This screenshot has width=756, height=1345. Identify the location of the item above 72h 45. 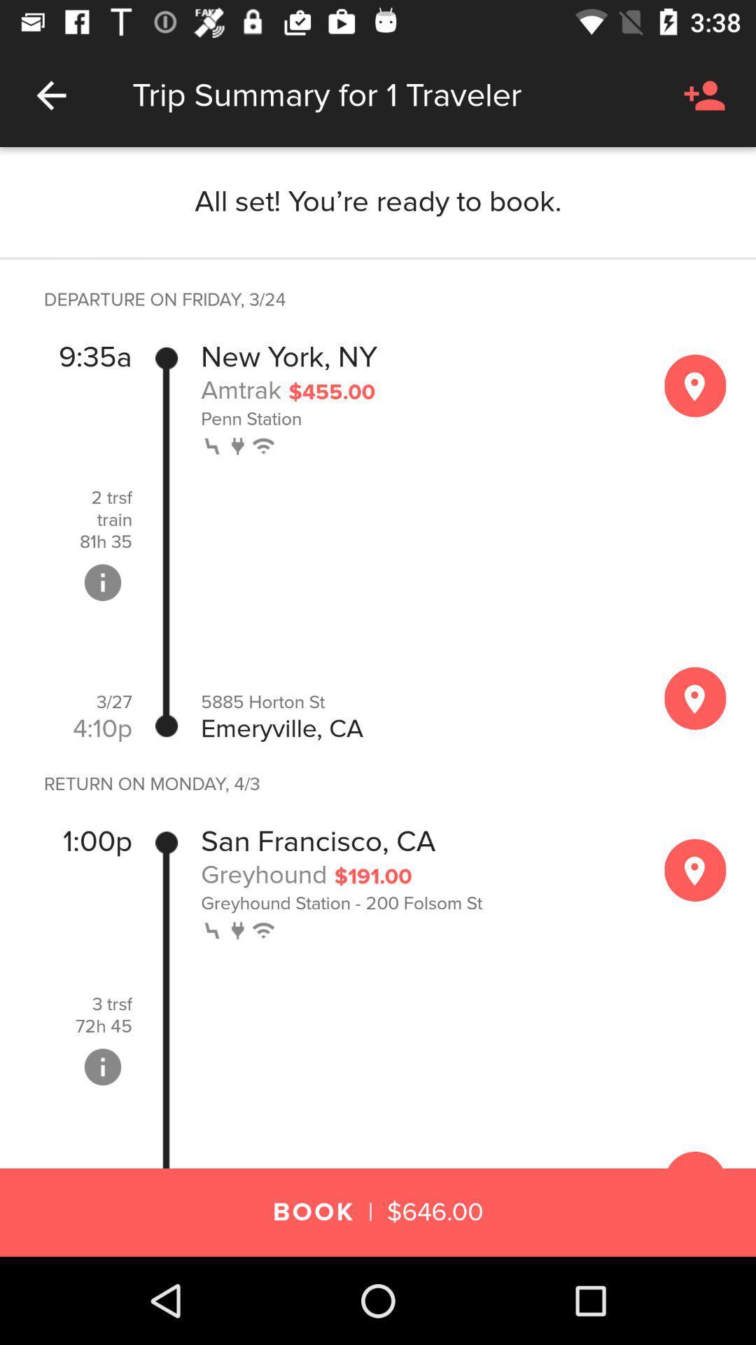
(111, 1004).